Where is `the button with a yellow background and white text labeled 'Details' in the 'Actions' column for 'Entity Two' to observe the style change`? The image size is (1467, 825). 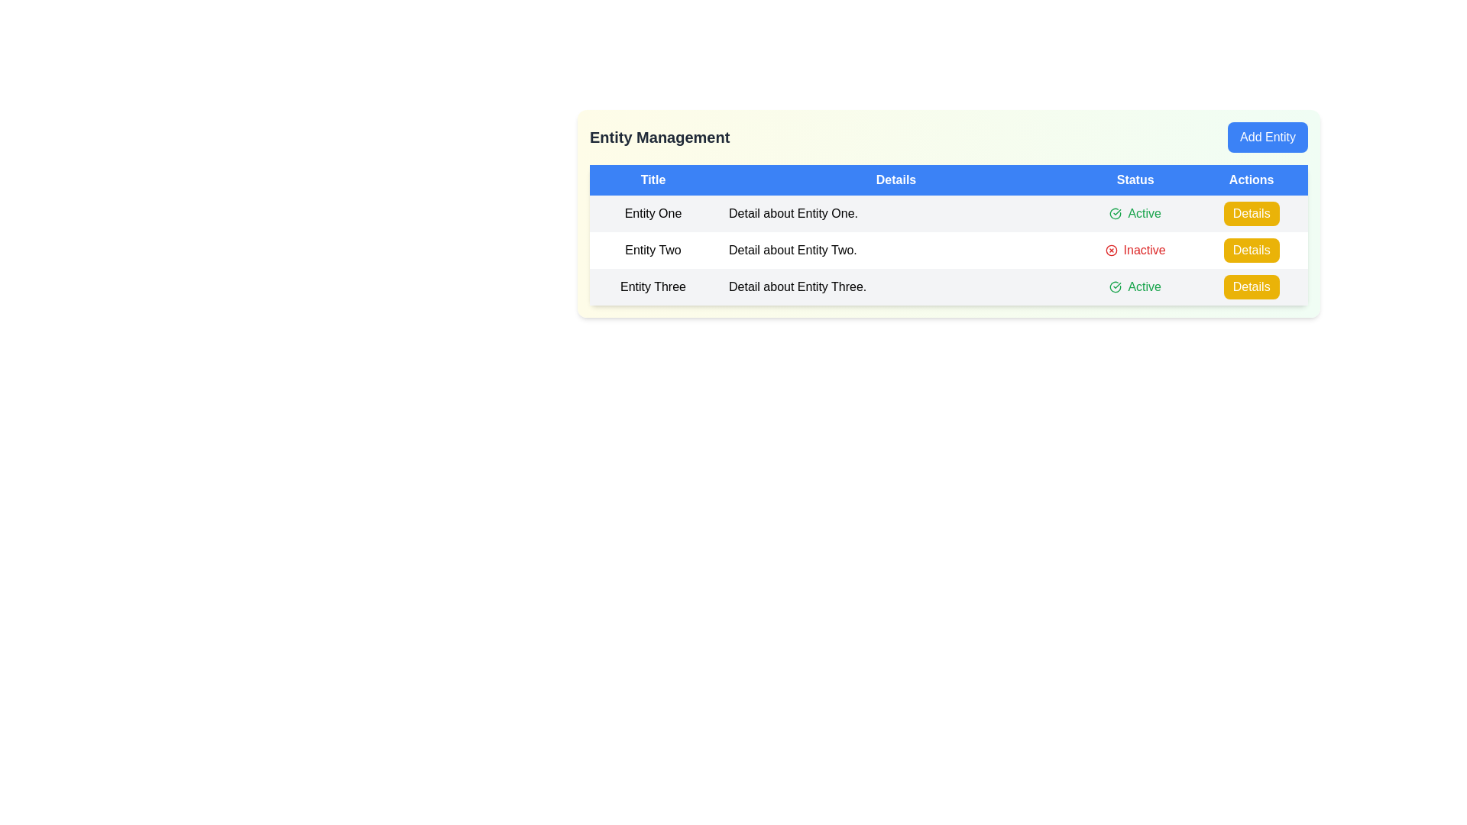 the button with a yellow background and white text labeled 'Details' in the 'Actions' column for 'Entity Two' to observe the style change is located at coordinates (1252, 214).